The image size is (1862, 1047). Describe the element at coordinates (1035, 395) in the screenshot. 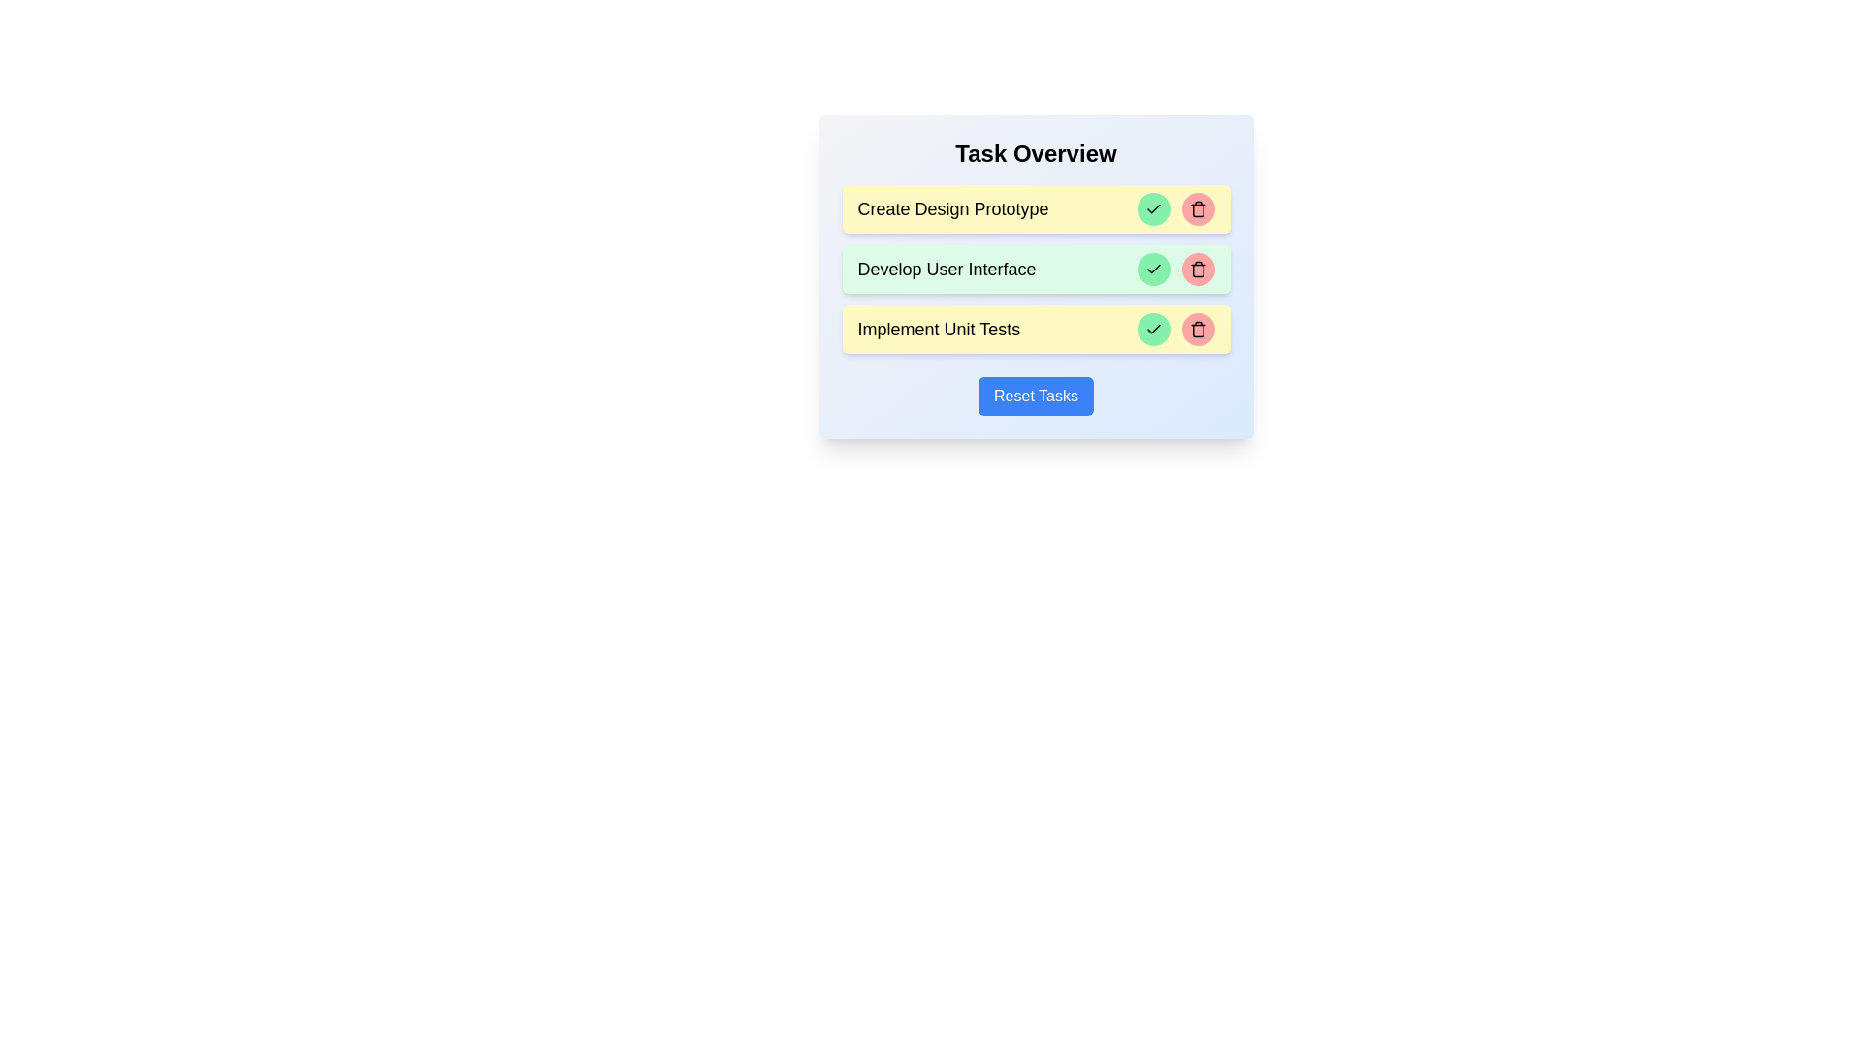

I see `the 'Reset Tasks' button to reset all tasks to incomplete` at that location.